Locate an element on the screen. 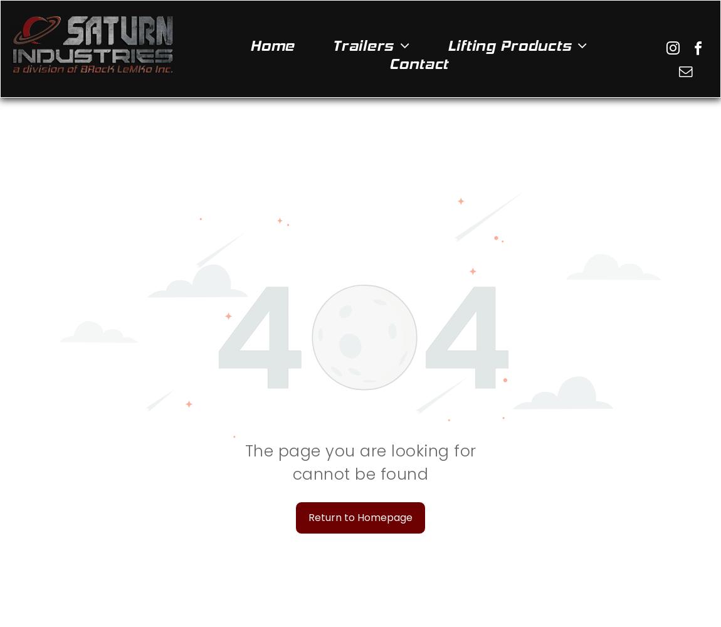 Image resolution: width=721 pixels, height=627 pixels. 'Gravity Tilt Trailers' is located at coordinates (384, 246).